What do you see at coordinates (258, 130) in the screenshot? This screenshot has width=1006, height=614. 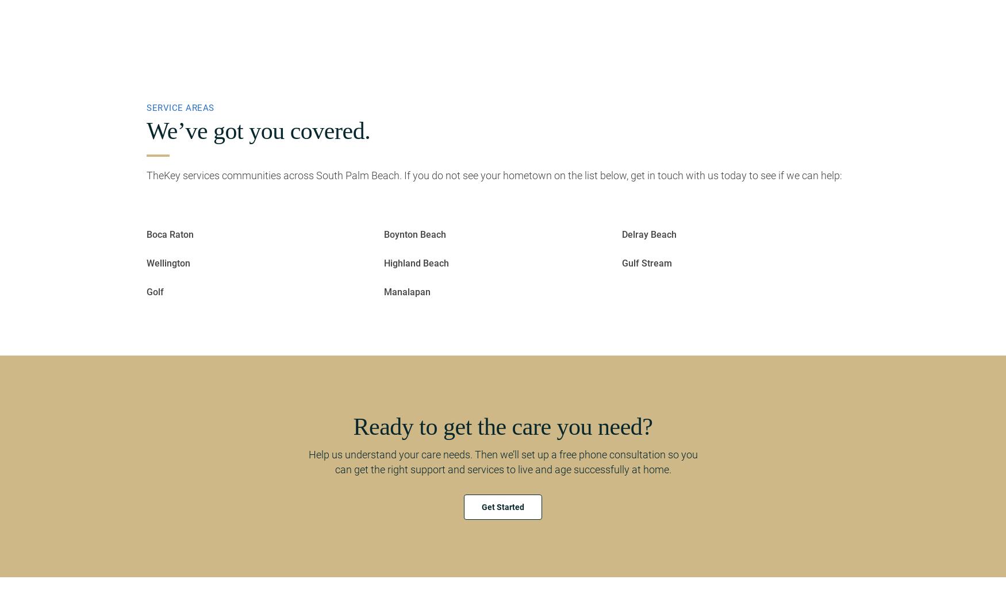 I see `'We’ve got you covered.'` at bounding box center [258, 130].